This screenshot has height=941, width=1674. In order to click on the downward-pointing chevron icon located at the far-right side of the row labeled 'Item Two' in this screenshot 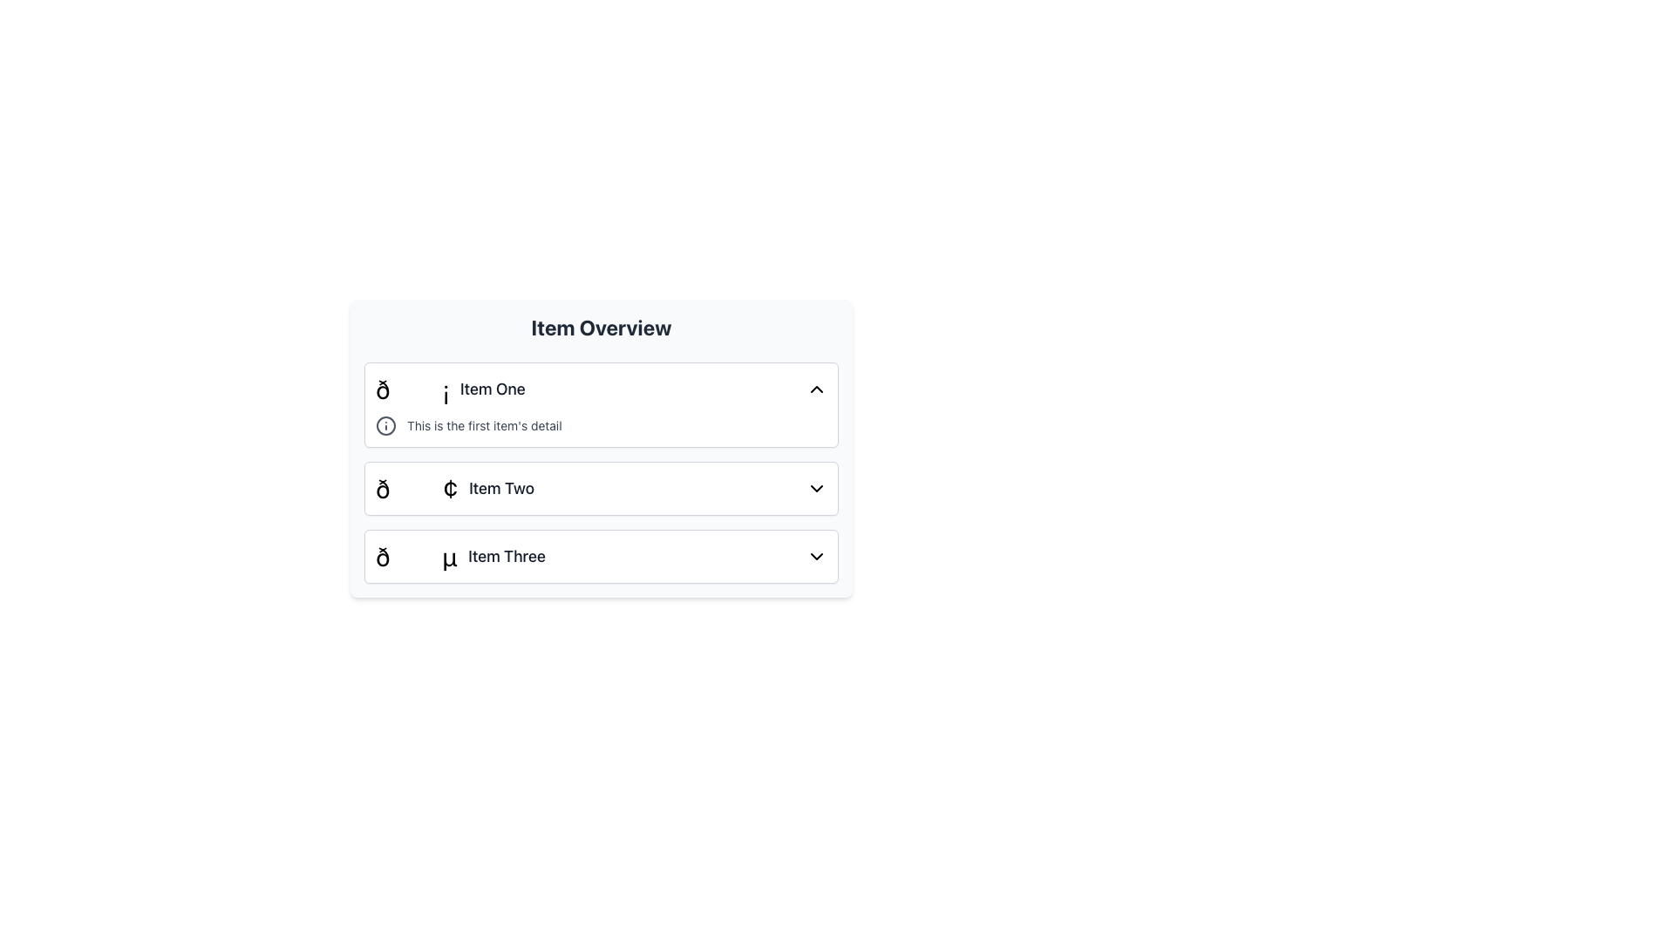, I will do `click(815, 488)`.